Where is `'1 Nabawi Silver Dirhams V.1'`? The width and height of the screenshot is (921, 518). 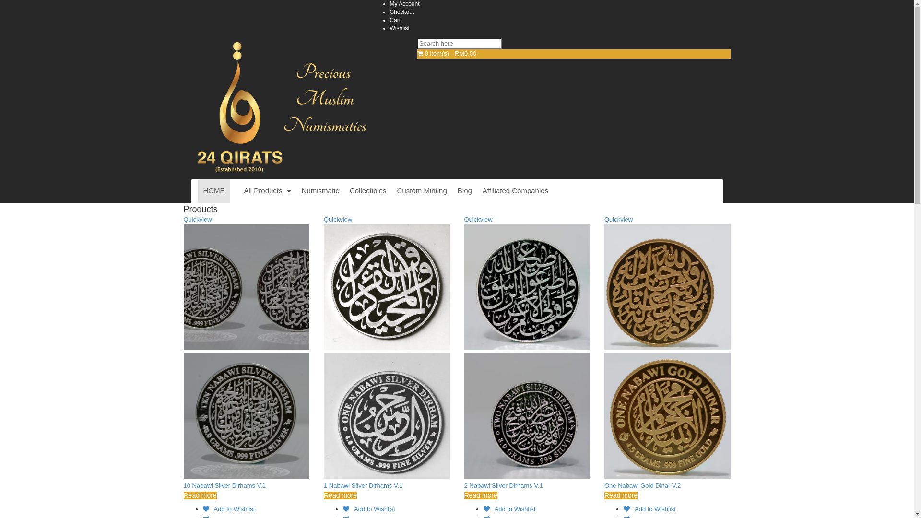 '1 Nabawi Silver Dirhams V.1' is located at coordinates (363, 485).